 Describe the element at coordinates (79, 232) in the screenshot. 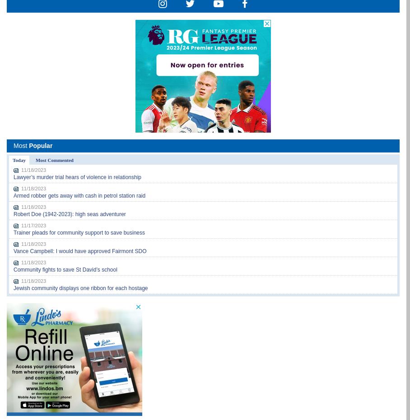

I see `'Trainer pleads for community support to save business'` at that location.